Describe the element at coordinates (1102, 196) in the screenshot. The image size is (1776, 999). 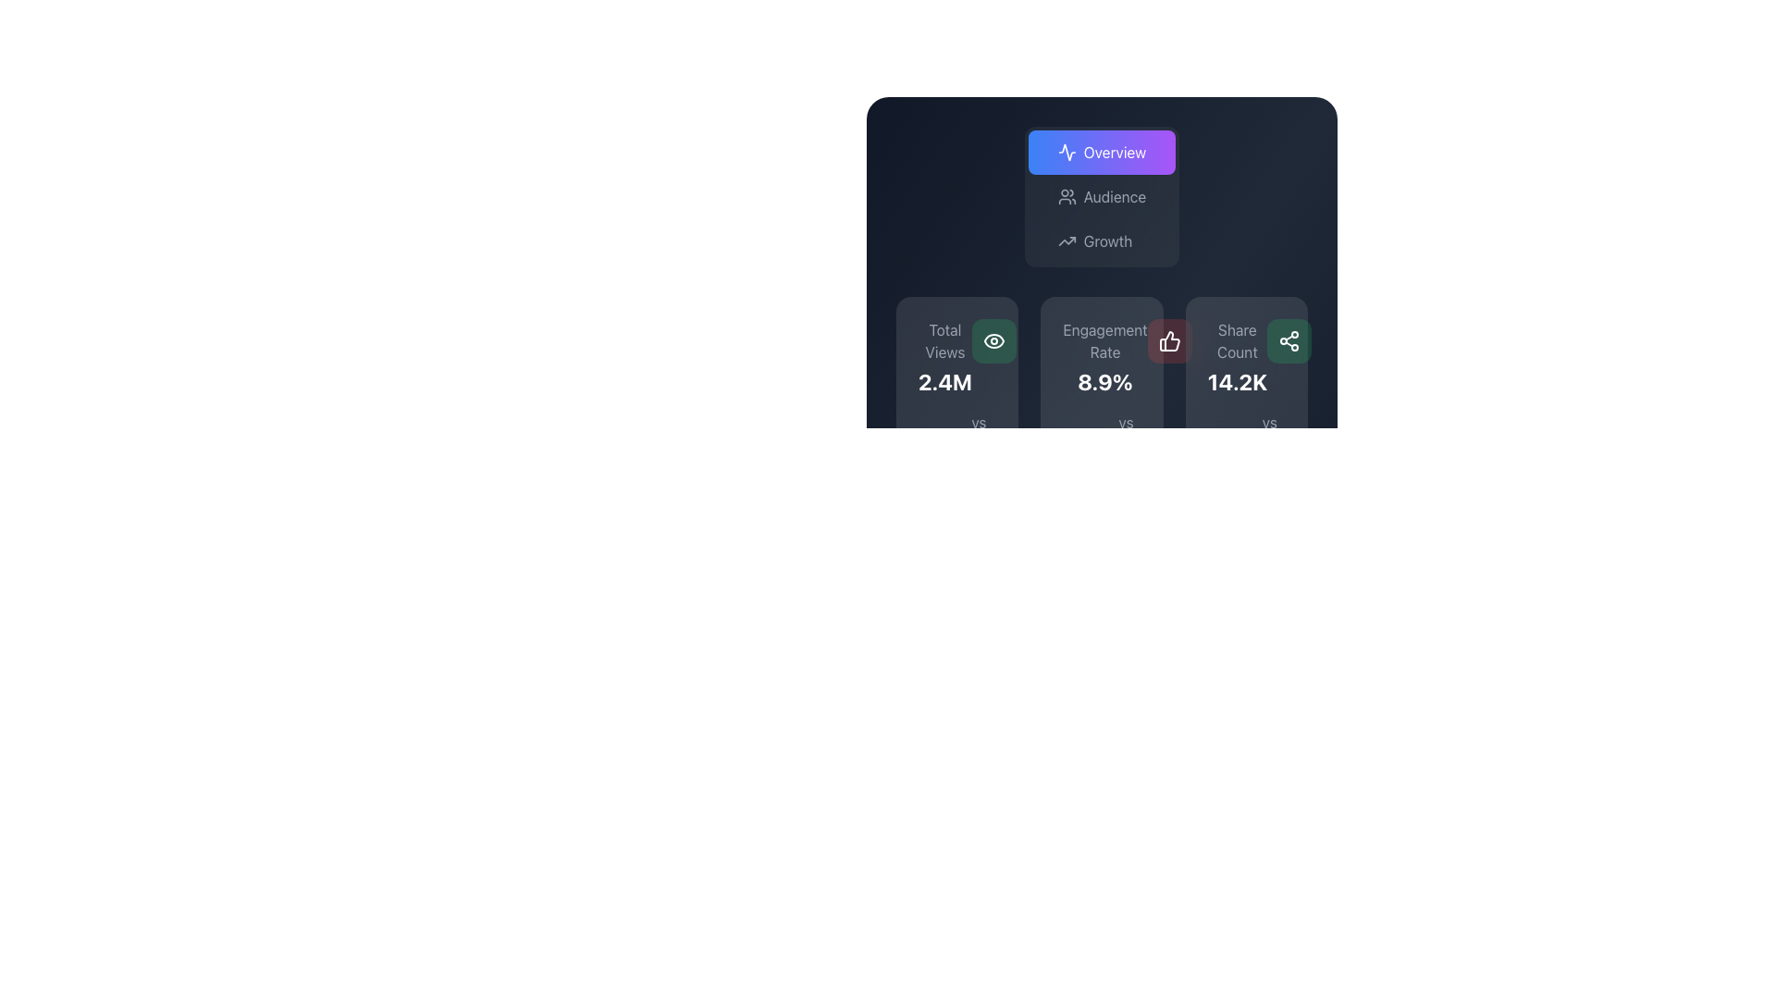
I see `the 'Audience' button, which is the second button in a vertical stack of three buttons labeled 'Overview', 'Audience', and 'Growth'` at that location.